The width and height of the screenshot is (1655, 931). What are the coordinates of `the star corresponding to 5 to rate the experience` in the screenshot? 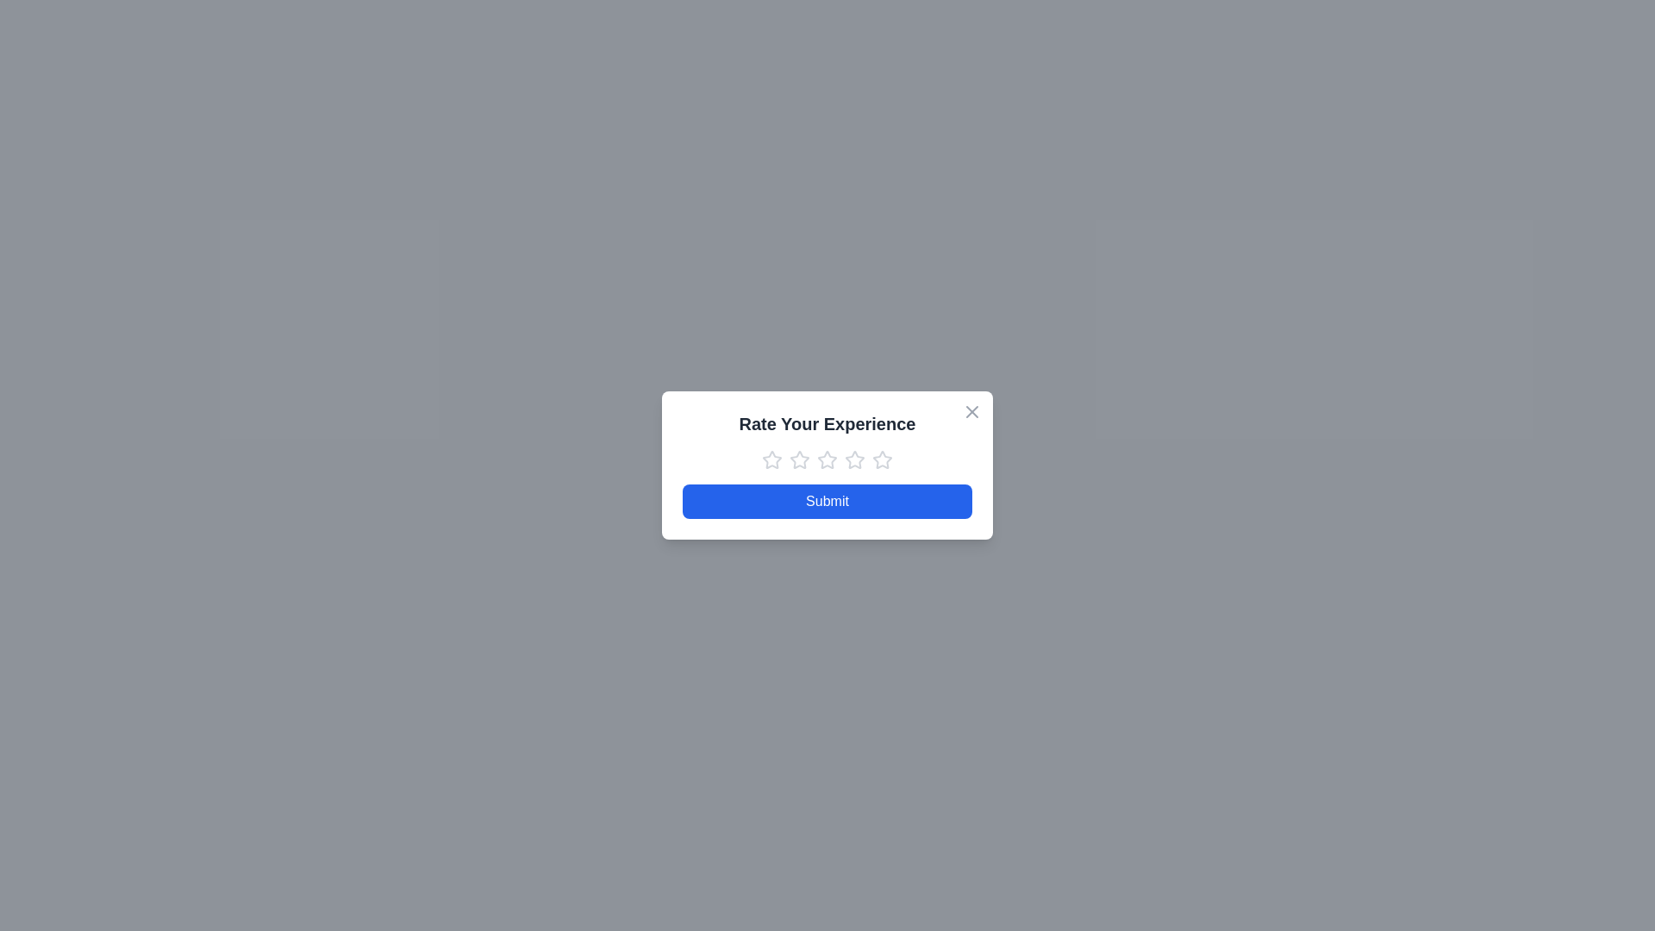 It's located at (882, 459).